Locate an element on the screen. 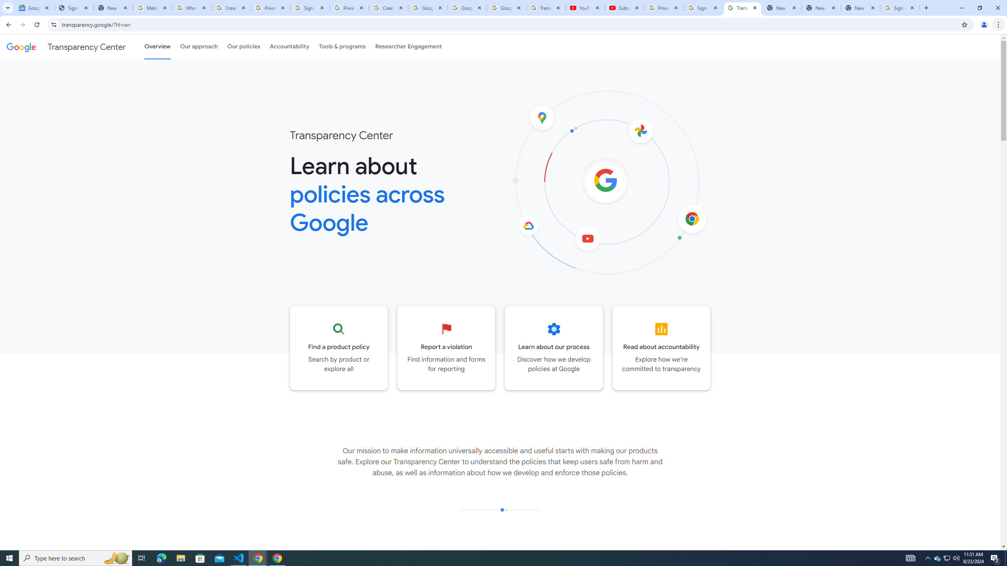  'Our approach' is located at coordinates (199, 46).